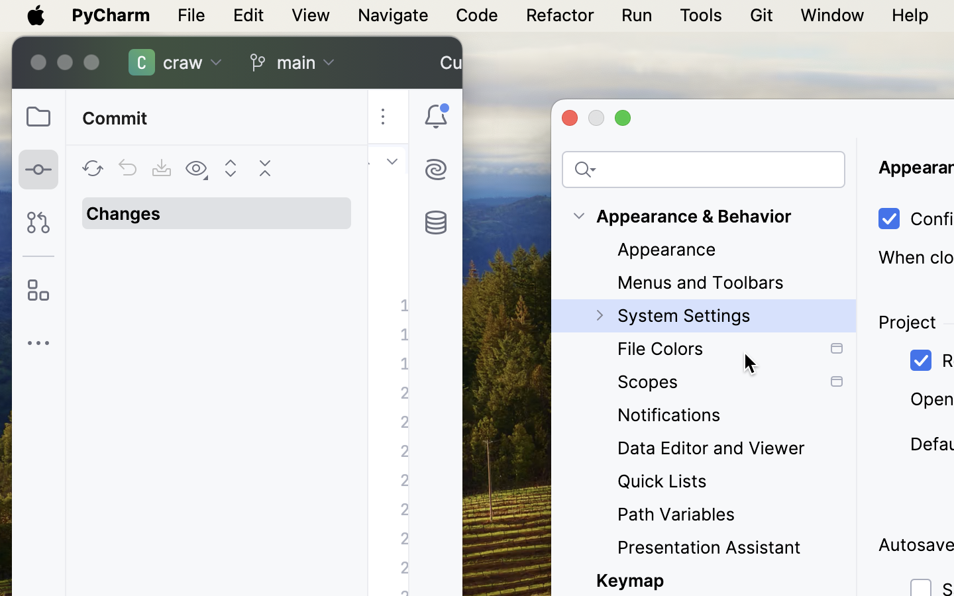 The height and width of the screenshot is (596, 954). What do you see at coordinates (906, 321) in the screenshot?
I see `'Project'` at bounding box center [906, 321].